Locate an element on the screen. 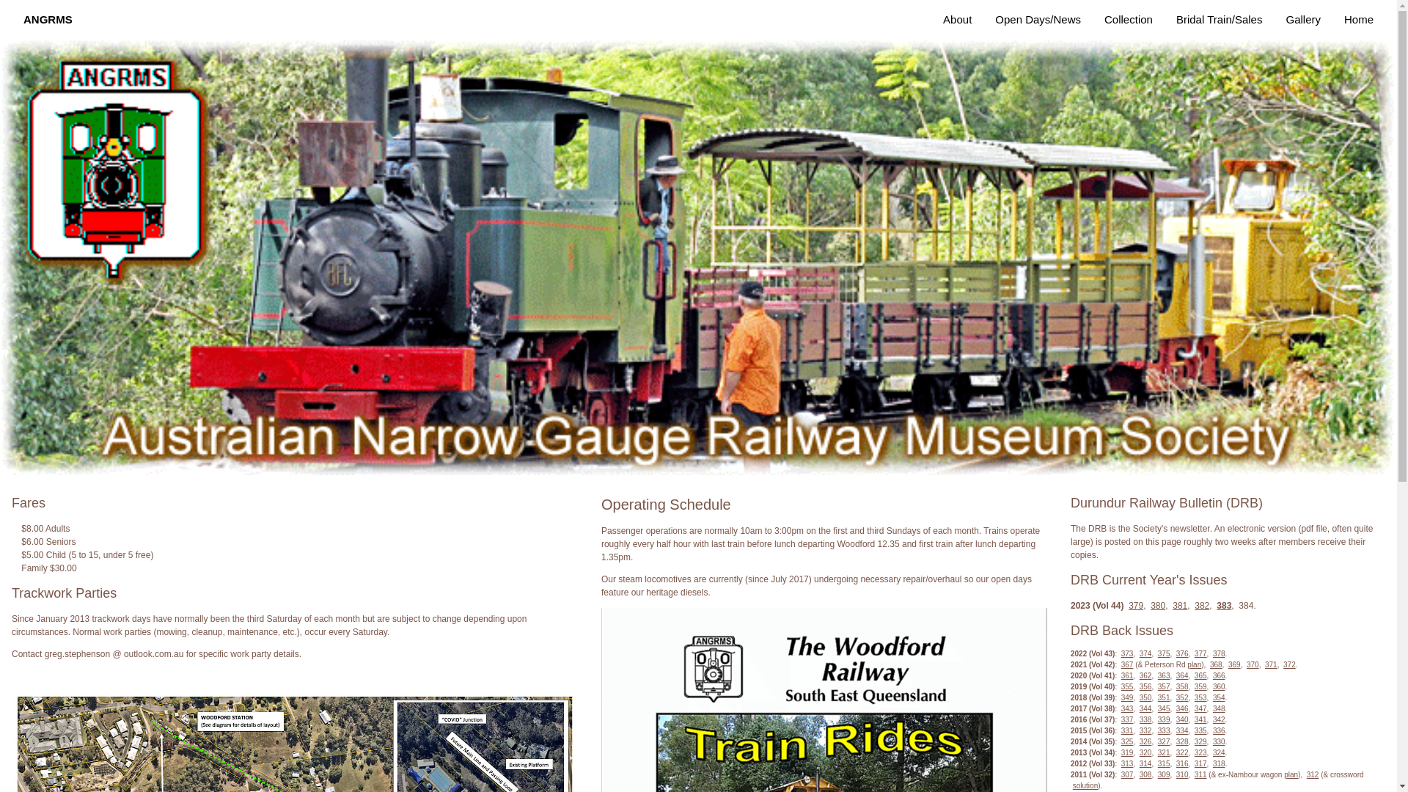 The width and height of the screenshot is (1408, 792). '378' is located at coordinates (1219, 653).